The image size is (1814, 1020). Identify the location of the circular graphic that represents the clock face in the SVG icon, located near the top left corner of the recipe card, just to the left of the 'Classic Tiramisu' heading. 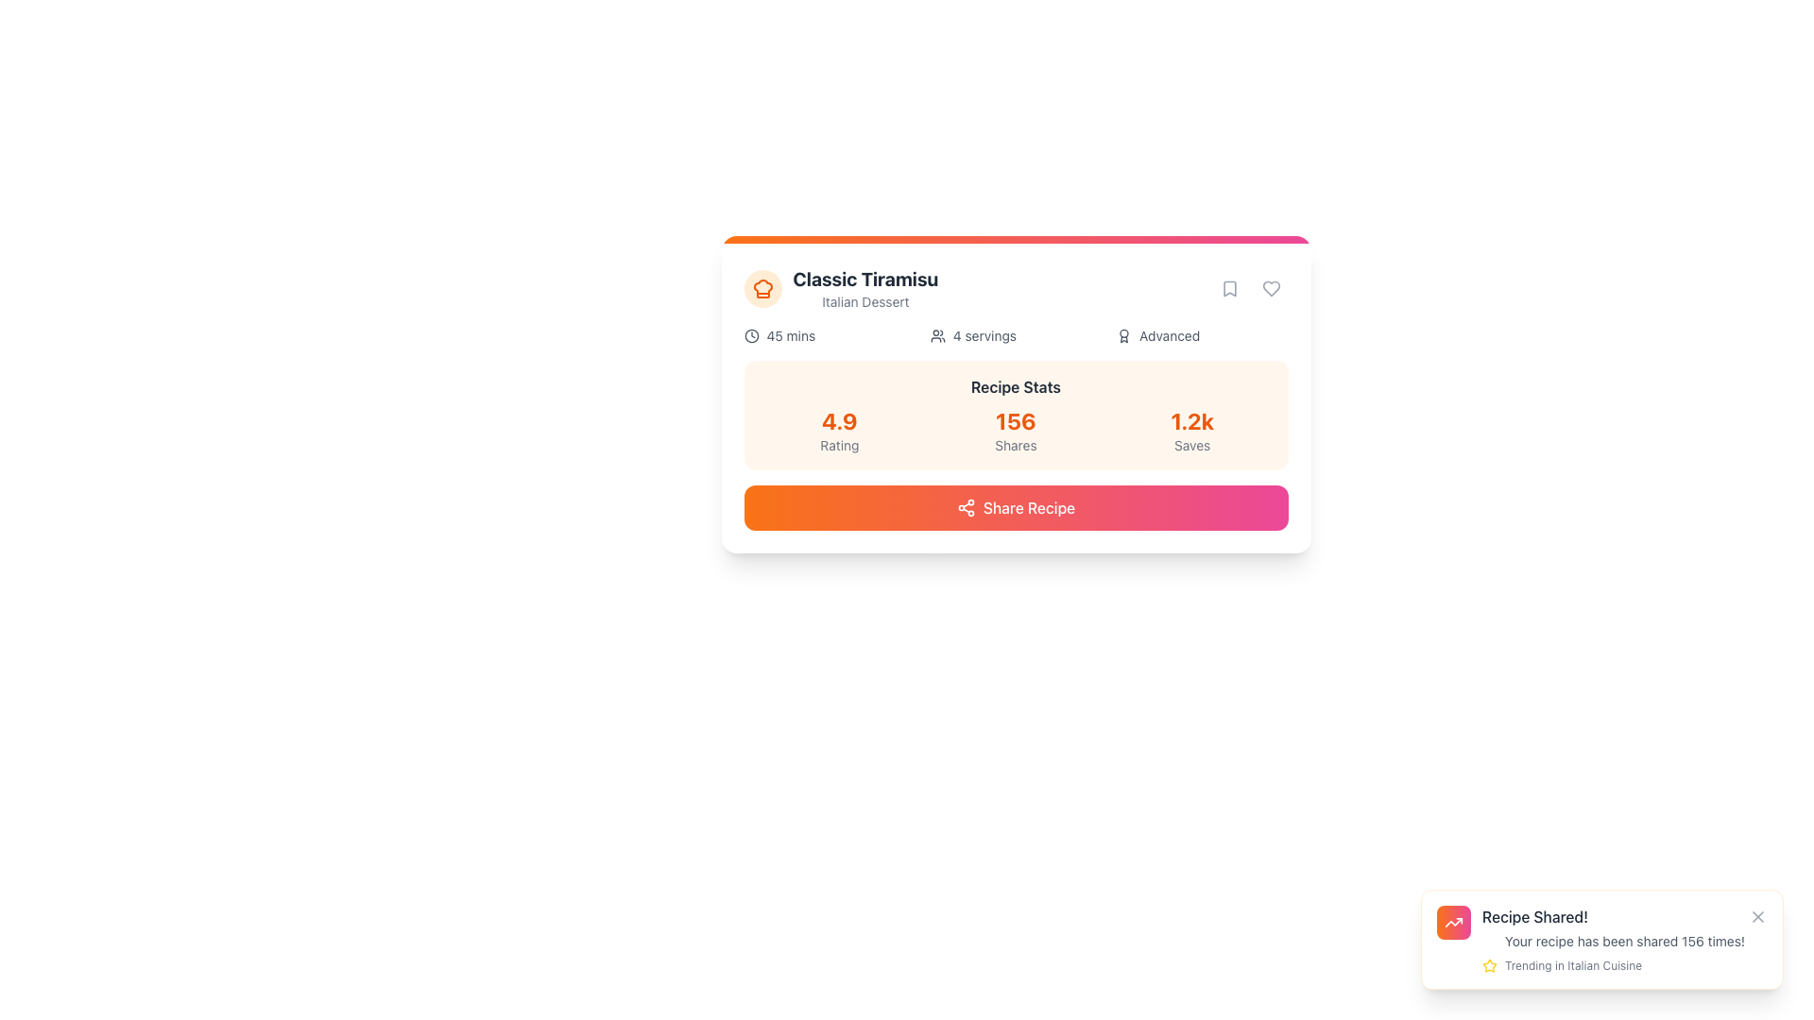
(750, 334).